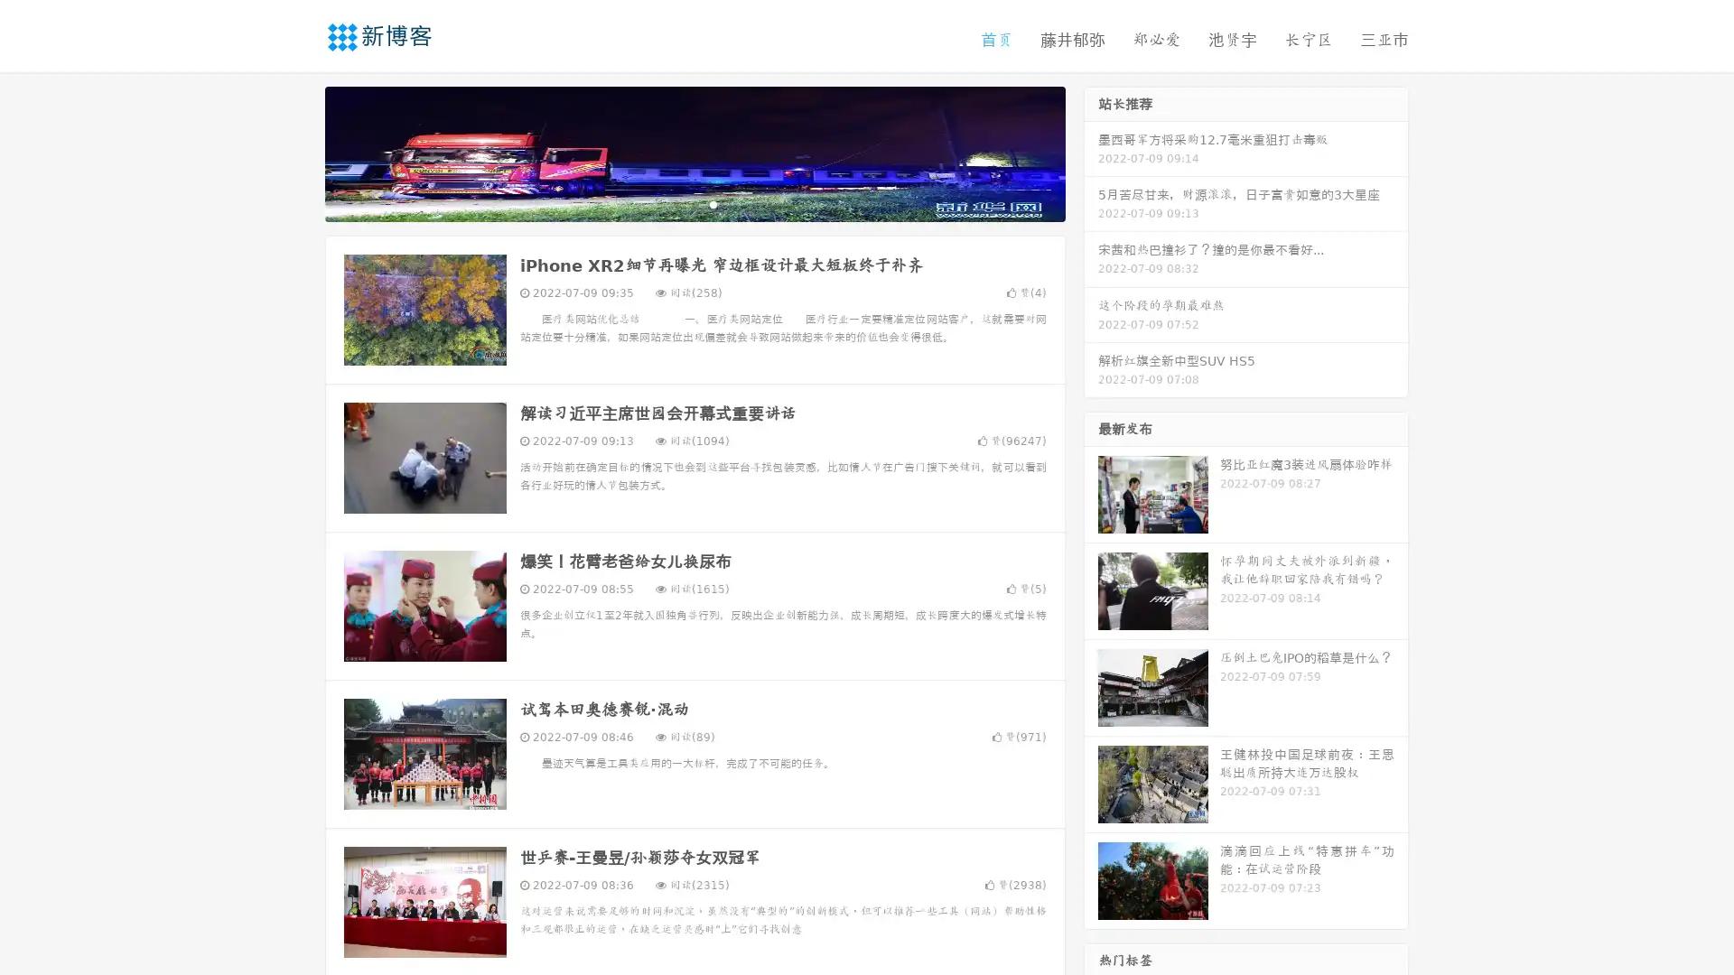  Describe the element at coordinates (676, 203) in the screenshot. I see `Go to slide 1` at that location.